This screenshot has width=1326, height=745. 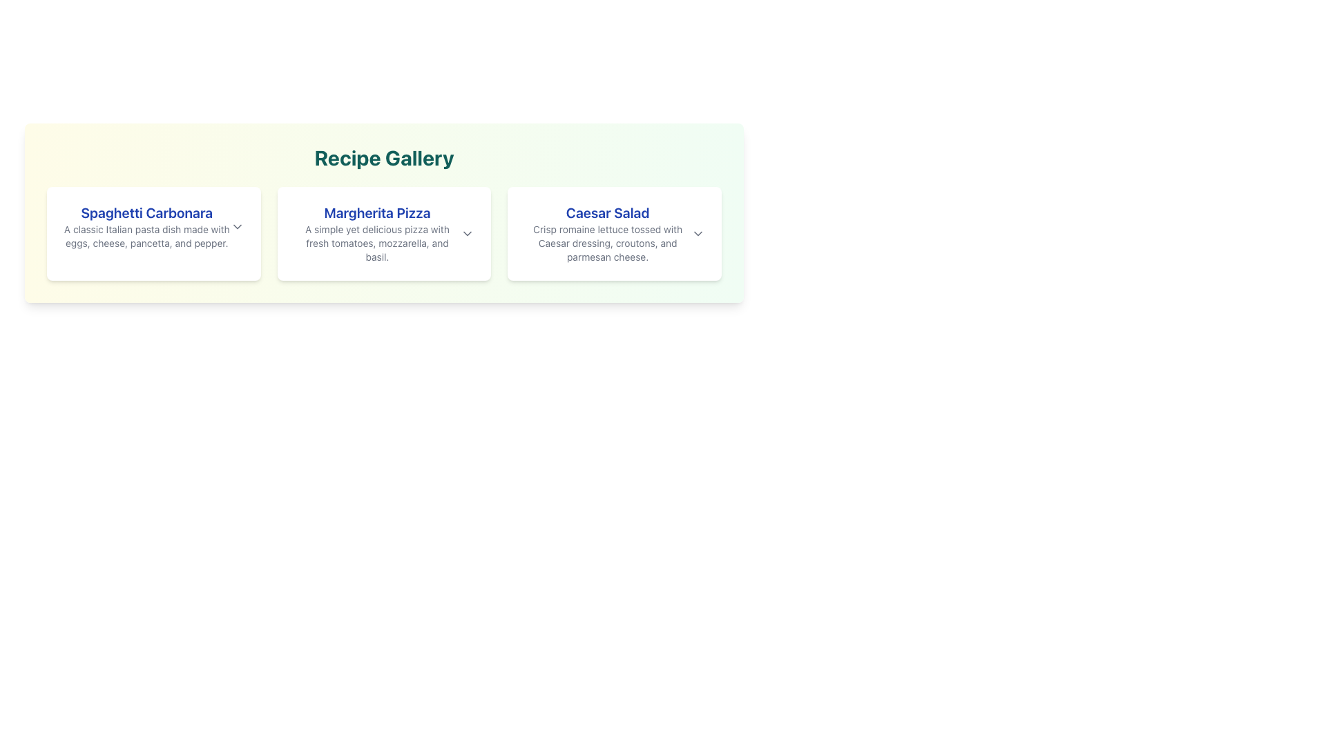 What do you see at coordinates (146, 212) in the screenshot?
I see `title text of the recipe card, which is positioned at the top-left corner of the card and provides the name of the dish being described` at bounding box center [146, 212].